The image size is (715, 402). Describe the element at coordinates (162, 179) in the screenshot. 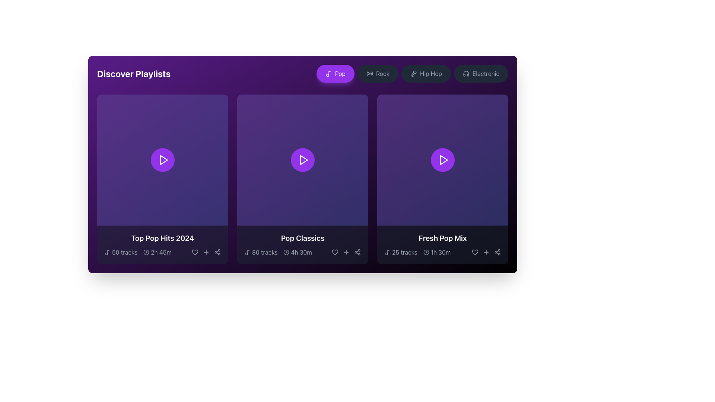

I see `the first card in the grid layout that provides access to the playlist titled 'Top Pop Hits 2024'` at that location.